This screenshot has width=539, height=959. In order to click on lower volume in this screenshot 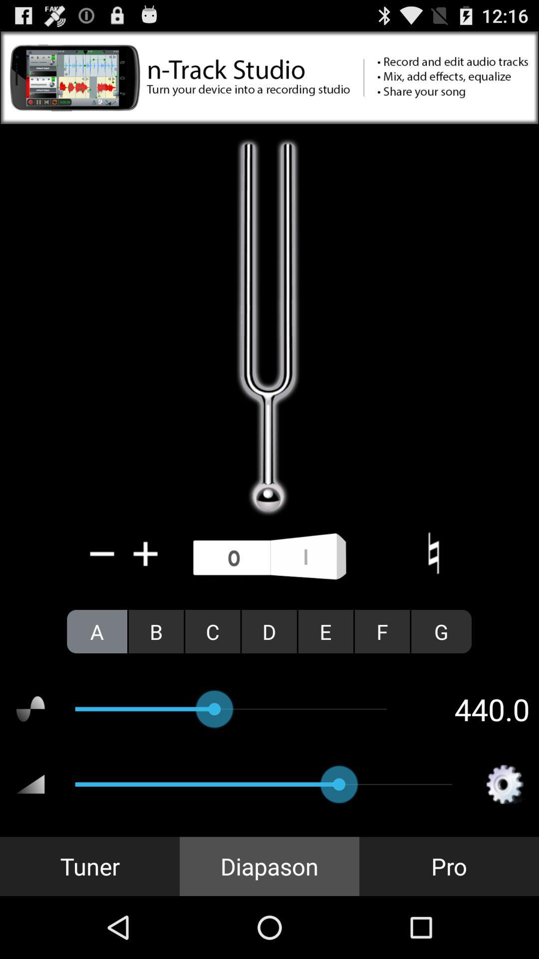, I will do `click(102, 553)`.